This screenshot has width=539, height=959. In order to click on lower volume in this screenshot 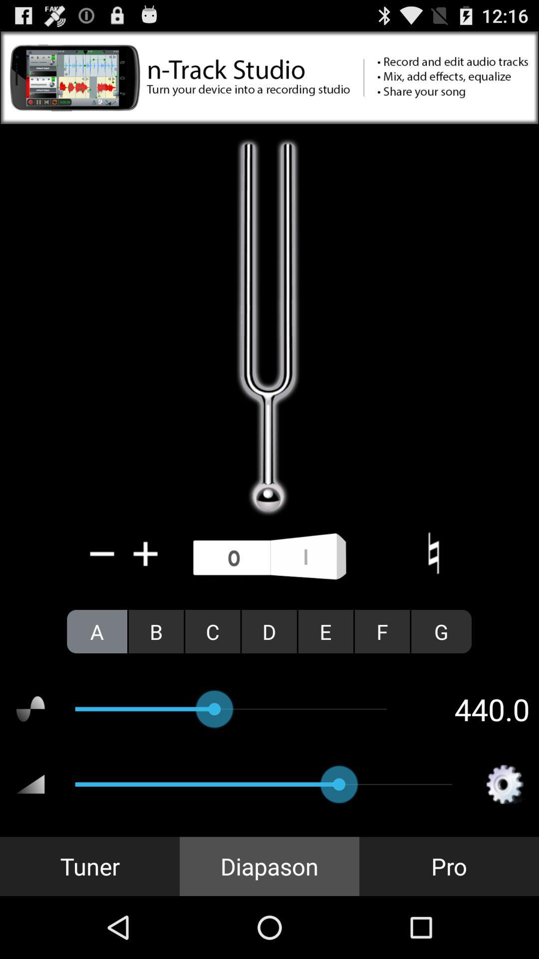, I will do `click(102, 553)`.